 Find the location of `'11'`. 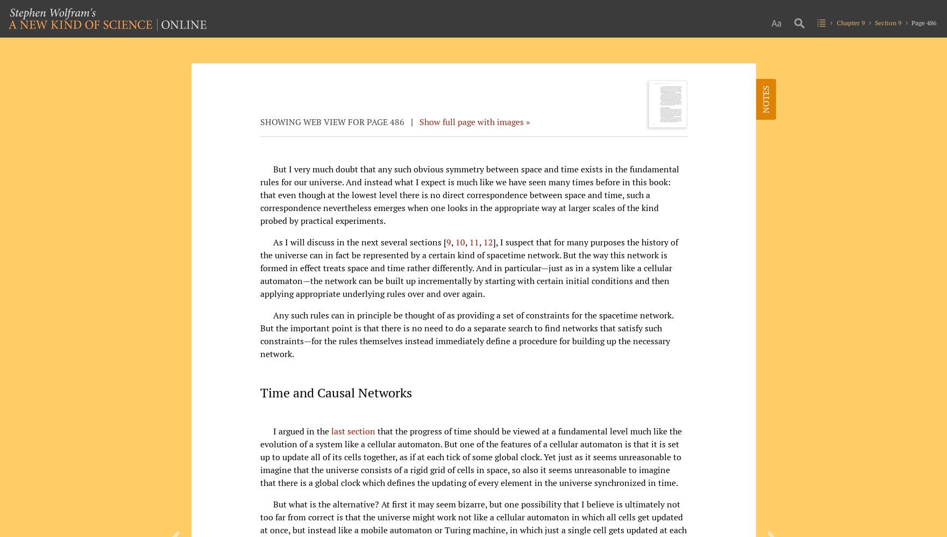

'11' is located at coordinates (473, 242).